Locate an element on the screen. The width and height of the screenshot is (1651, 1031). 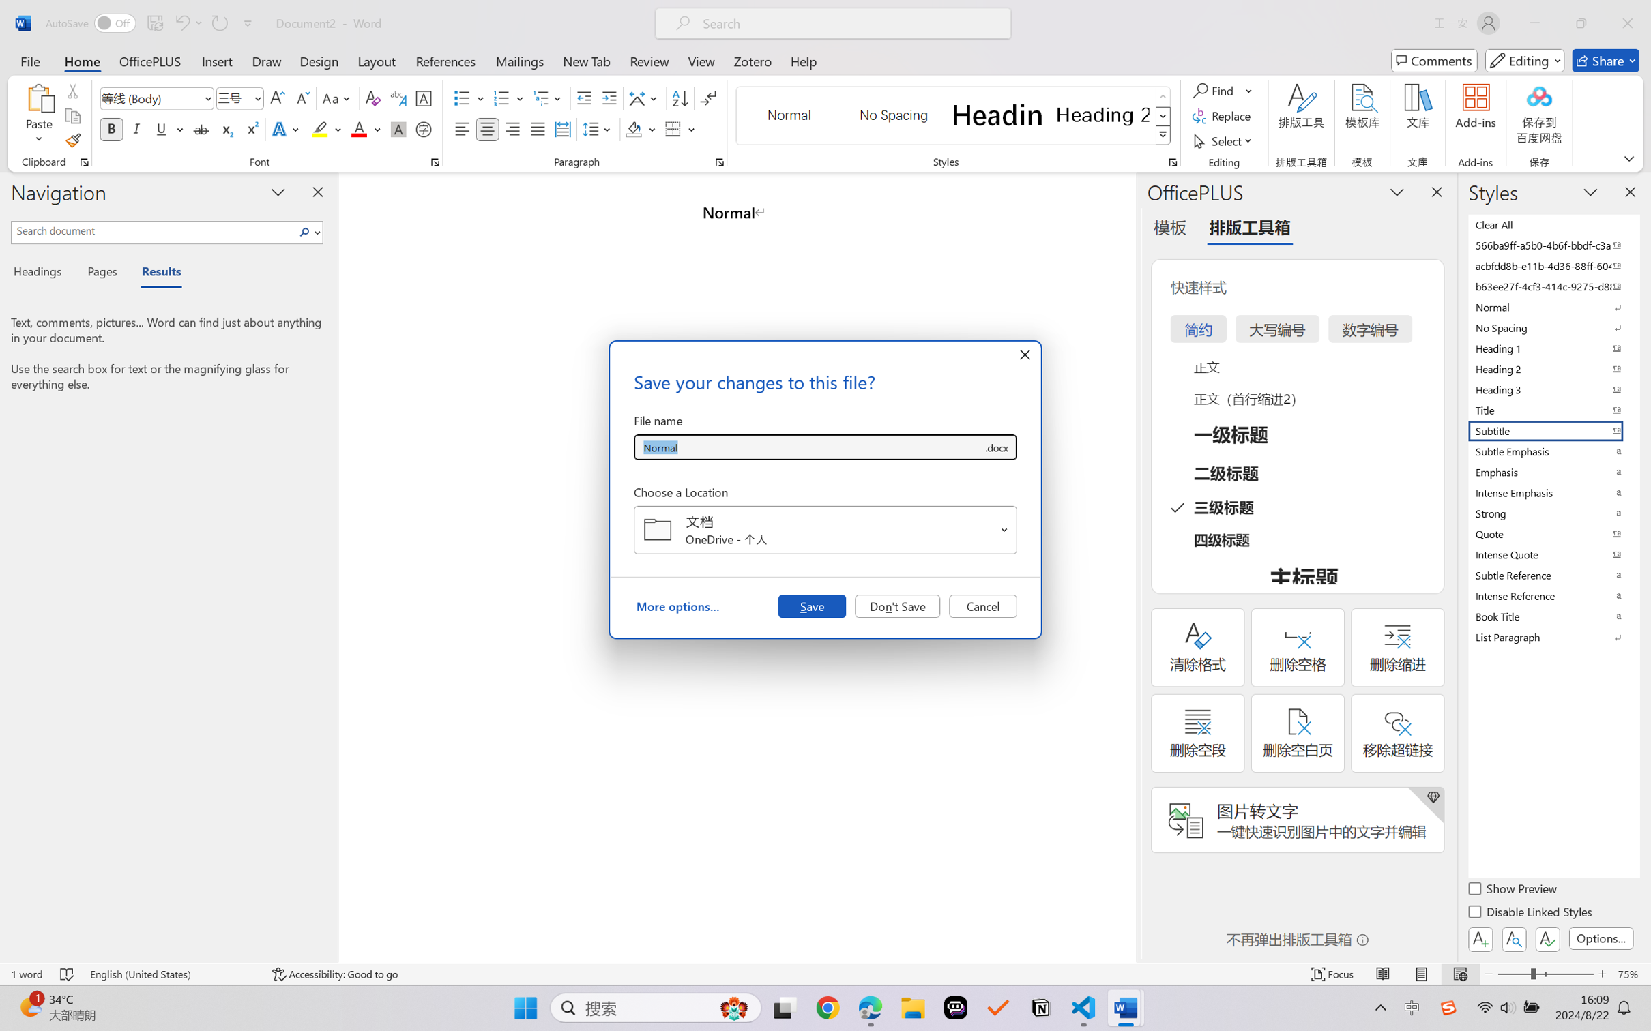
'Multilevel List' is located at coordinates (549, 98).